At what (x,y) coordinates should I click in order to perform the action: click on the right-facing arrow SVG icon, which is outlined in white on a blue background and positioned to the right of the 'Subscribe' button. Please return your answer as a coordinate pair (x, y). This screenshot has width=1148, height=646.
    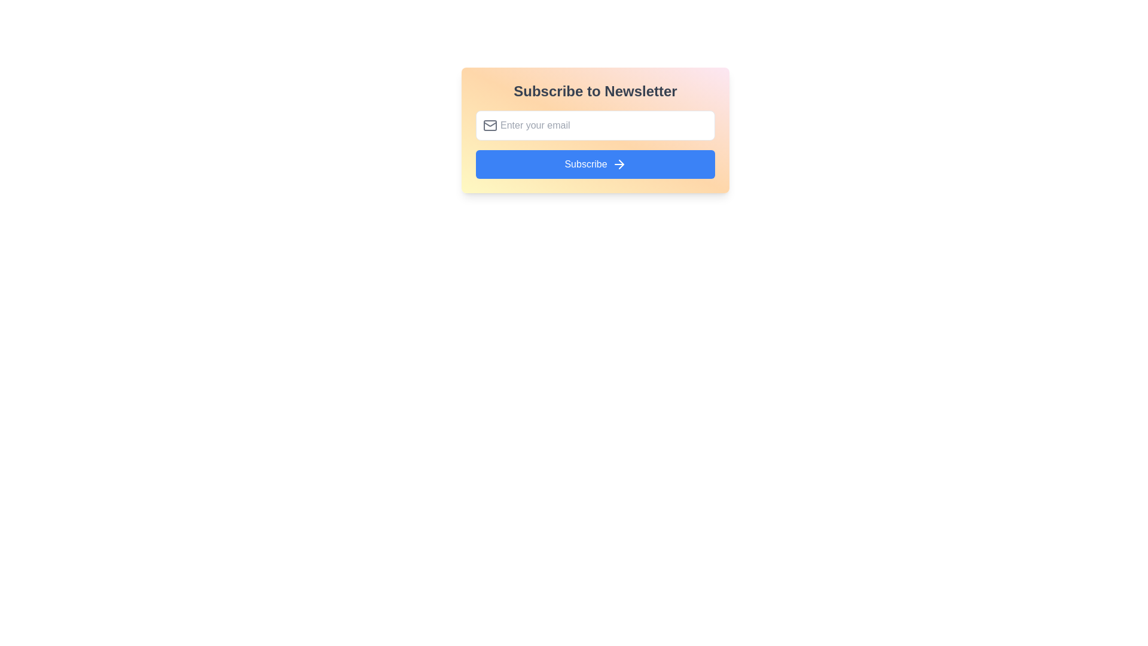
    Looking at the image, I should click on (619, 164).